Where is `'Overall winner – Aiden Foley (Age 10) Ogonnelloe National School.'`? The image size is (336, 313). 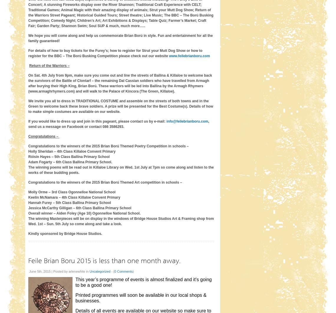 'Overall winner – Aiden Foley (Age 10) Ogonnelloe National School.' is located at coordinates (28, 213).